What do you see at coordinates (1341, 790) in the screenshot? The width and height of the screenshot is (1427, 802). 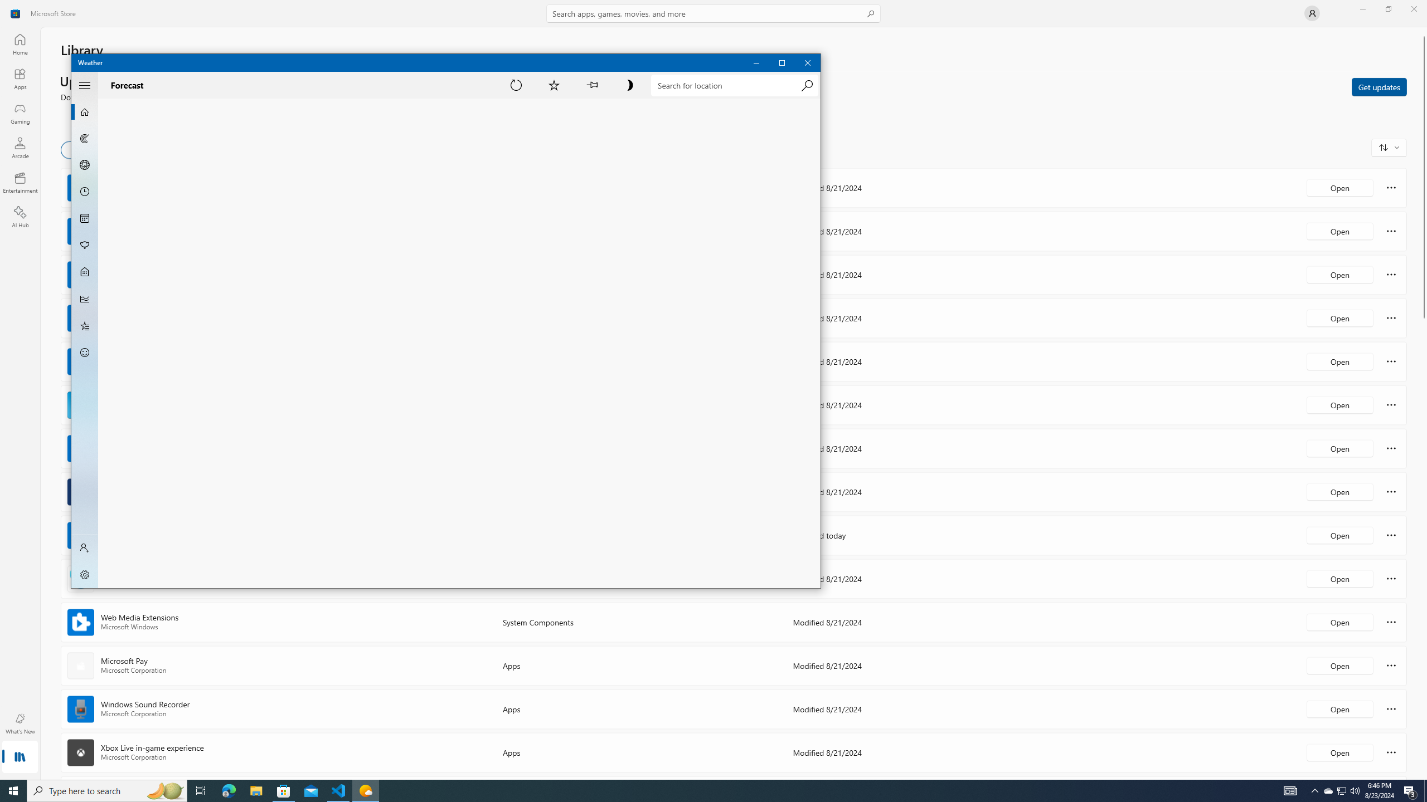 I see `'User Promoted Notification Area'` at bounding box center [1341, 790].